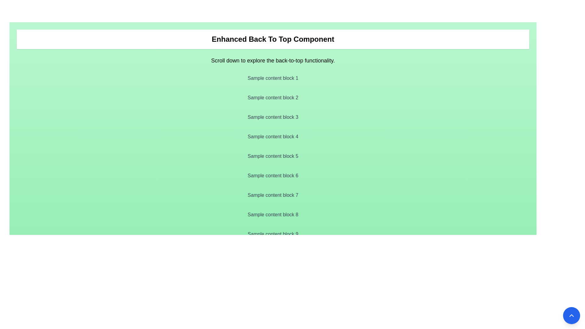 The image size is (585, 329). I want to click on the text block labeled 'Sample content block 7', which is styled in gray and positioned among other similar blocks on a gradient green background, so click(273, 195).